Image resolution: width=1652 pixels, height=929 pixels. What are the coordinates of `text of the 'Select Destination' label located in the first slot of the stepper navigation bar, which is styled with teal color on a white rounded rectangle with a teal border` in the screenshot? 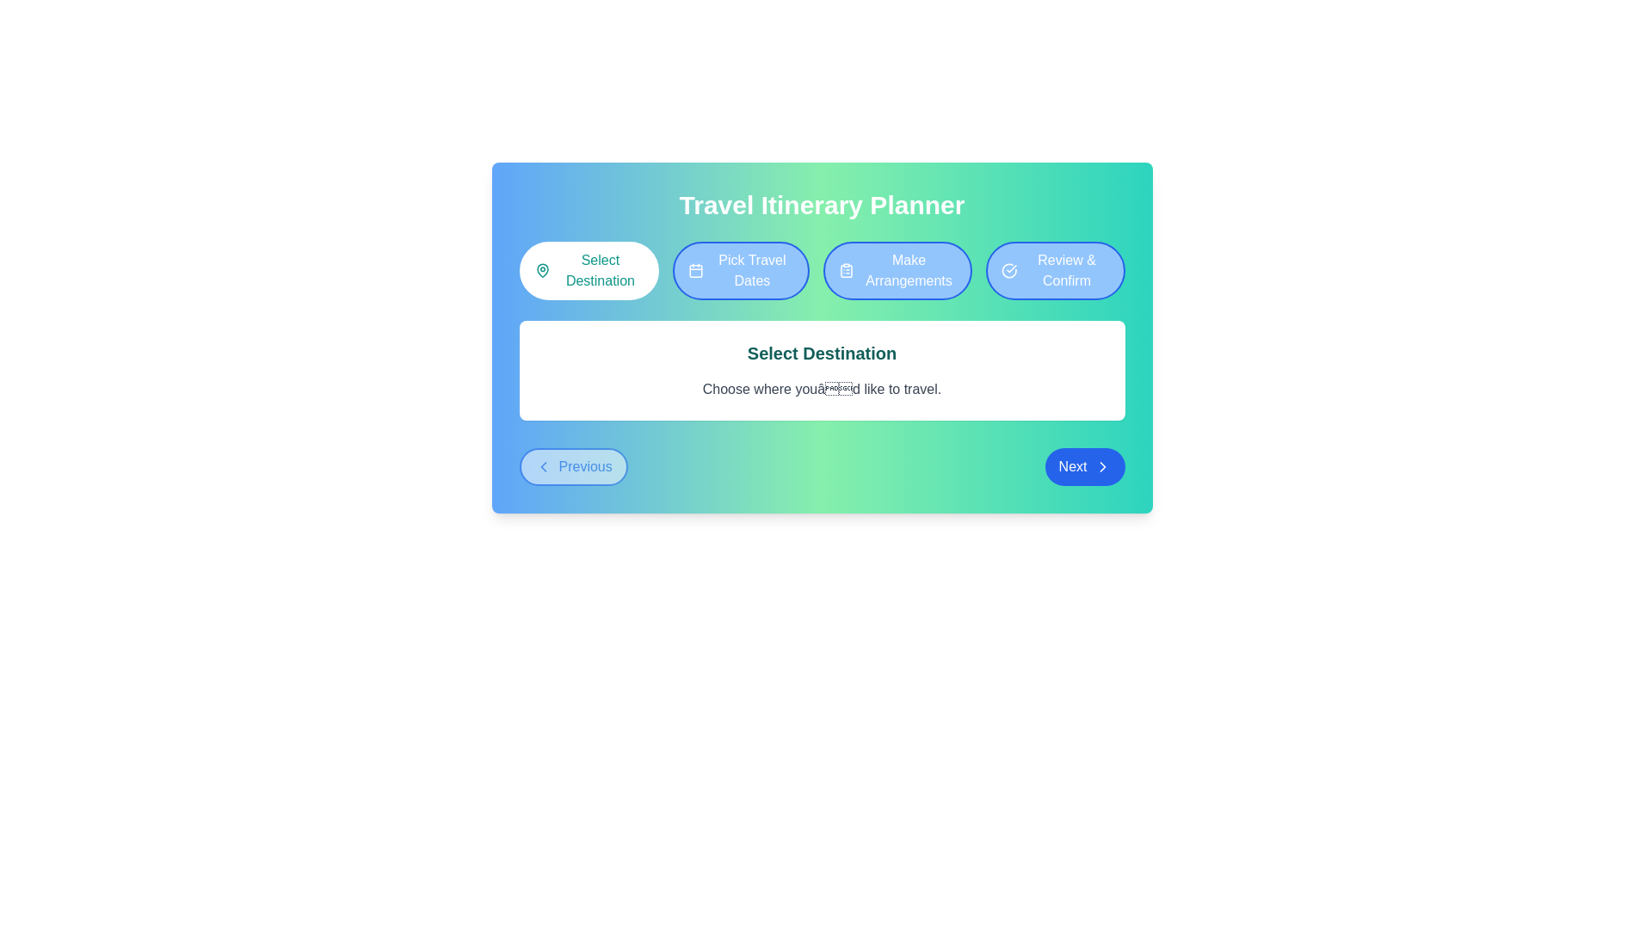 It's located at (600, 271).